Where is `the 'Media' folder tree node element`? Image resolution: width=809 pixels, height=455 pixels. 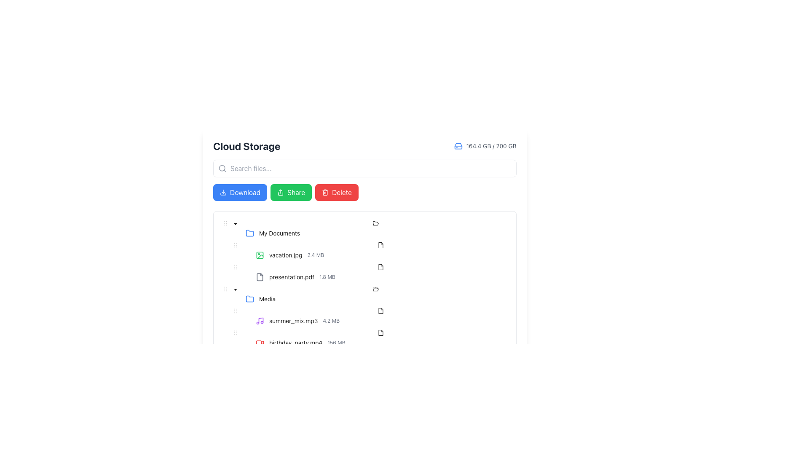 the 'Media' folder tree node element is located at coordinates (375, 294).